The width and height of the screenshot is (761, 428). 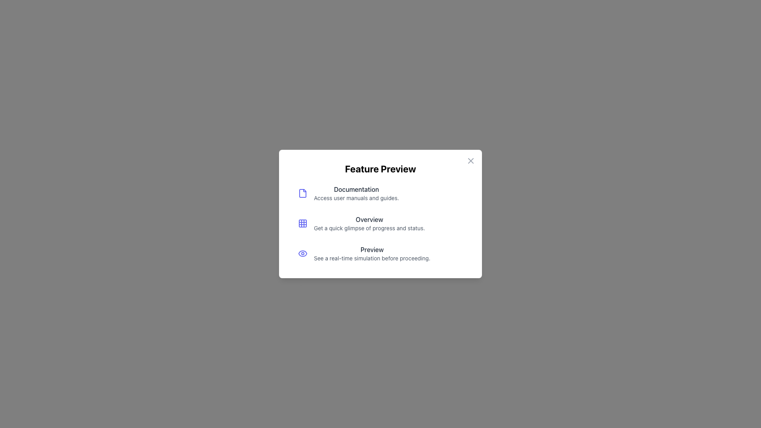 What do you see at coordinates (302, 193) in the screenshot?
I see `the visual indicator icon for the 'Documentation' option, located in the top-left corner of the dialog` at bounding box center [302, 193].